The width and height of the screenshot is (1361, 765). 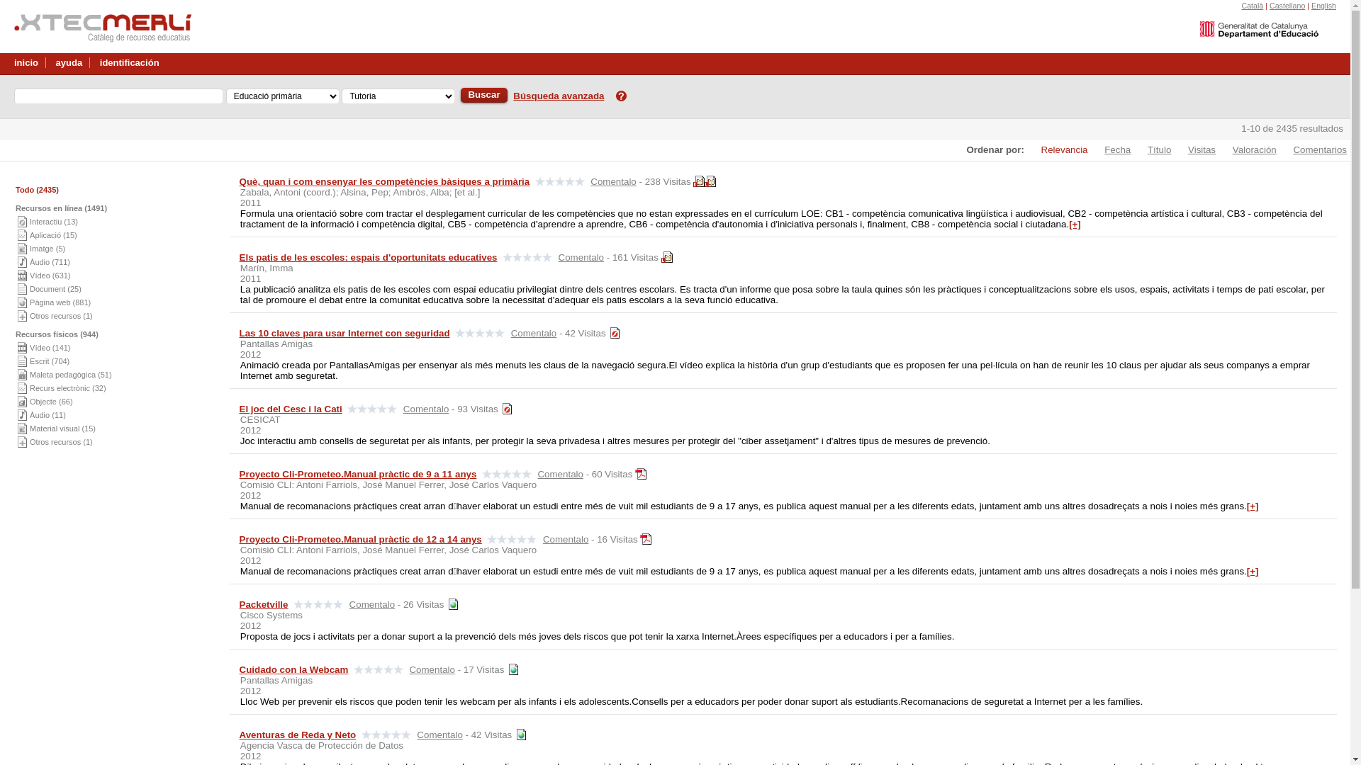 What do you see at coordinates (68, 59) in the screenshot?
I see `'ayuda'` at bounding box center [68, 59].